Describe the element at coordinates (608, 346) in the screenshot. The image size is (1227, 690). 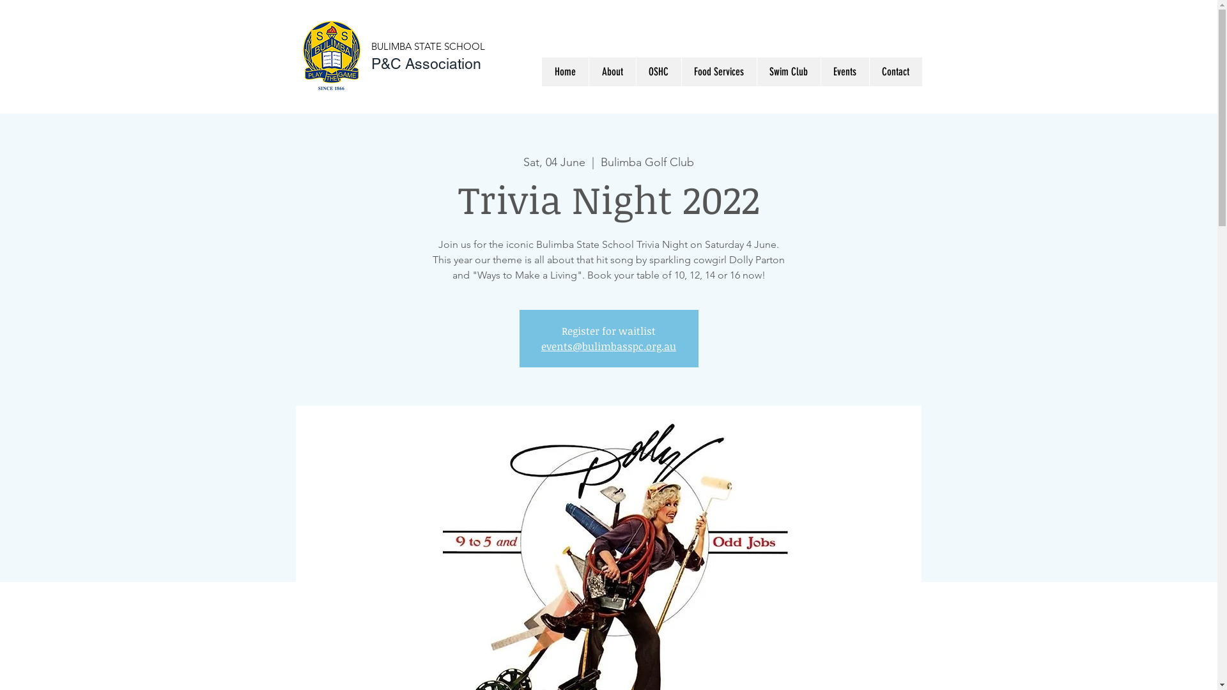
I see `'events@bulimbasspc.org.au'` at that location.